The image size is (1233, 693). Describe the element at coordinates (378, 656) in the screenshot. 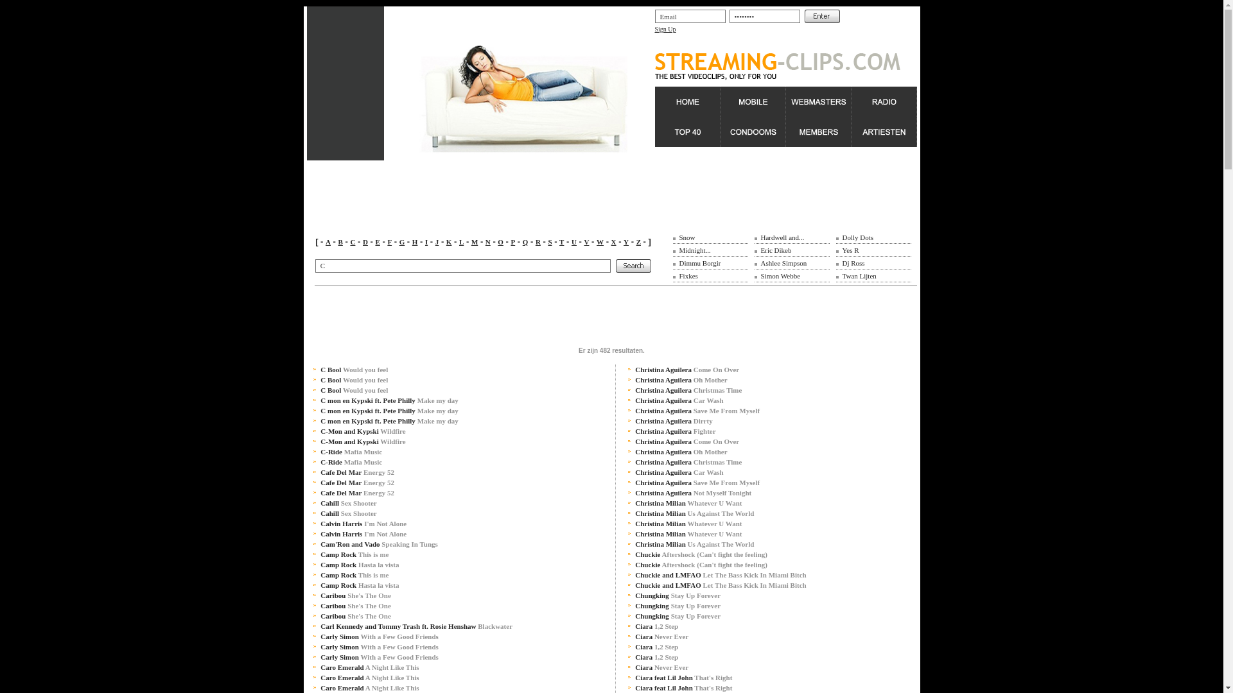

I see `'Carly Simon With a Few Good Friends'` at that location.